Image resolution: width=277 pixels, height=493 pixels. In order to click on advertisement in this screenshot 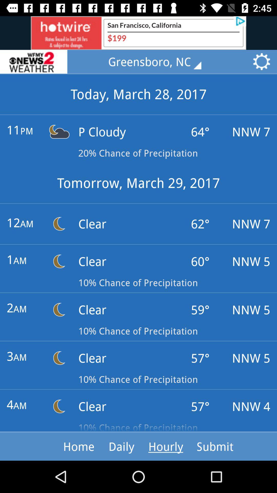, I will do `click(138, 33)`.